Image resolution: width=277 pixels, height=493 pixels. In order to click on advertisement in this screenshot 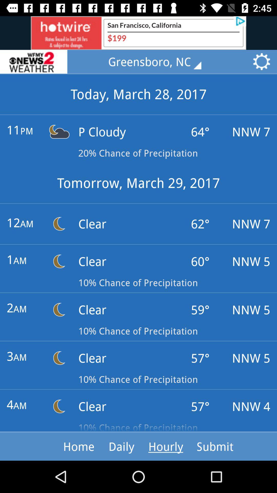, I will do `click(138, 33)`.